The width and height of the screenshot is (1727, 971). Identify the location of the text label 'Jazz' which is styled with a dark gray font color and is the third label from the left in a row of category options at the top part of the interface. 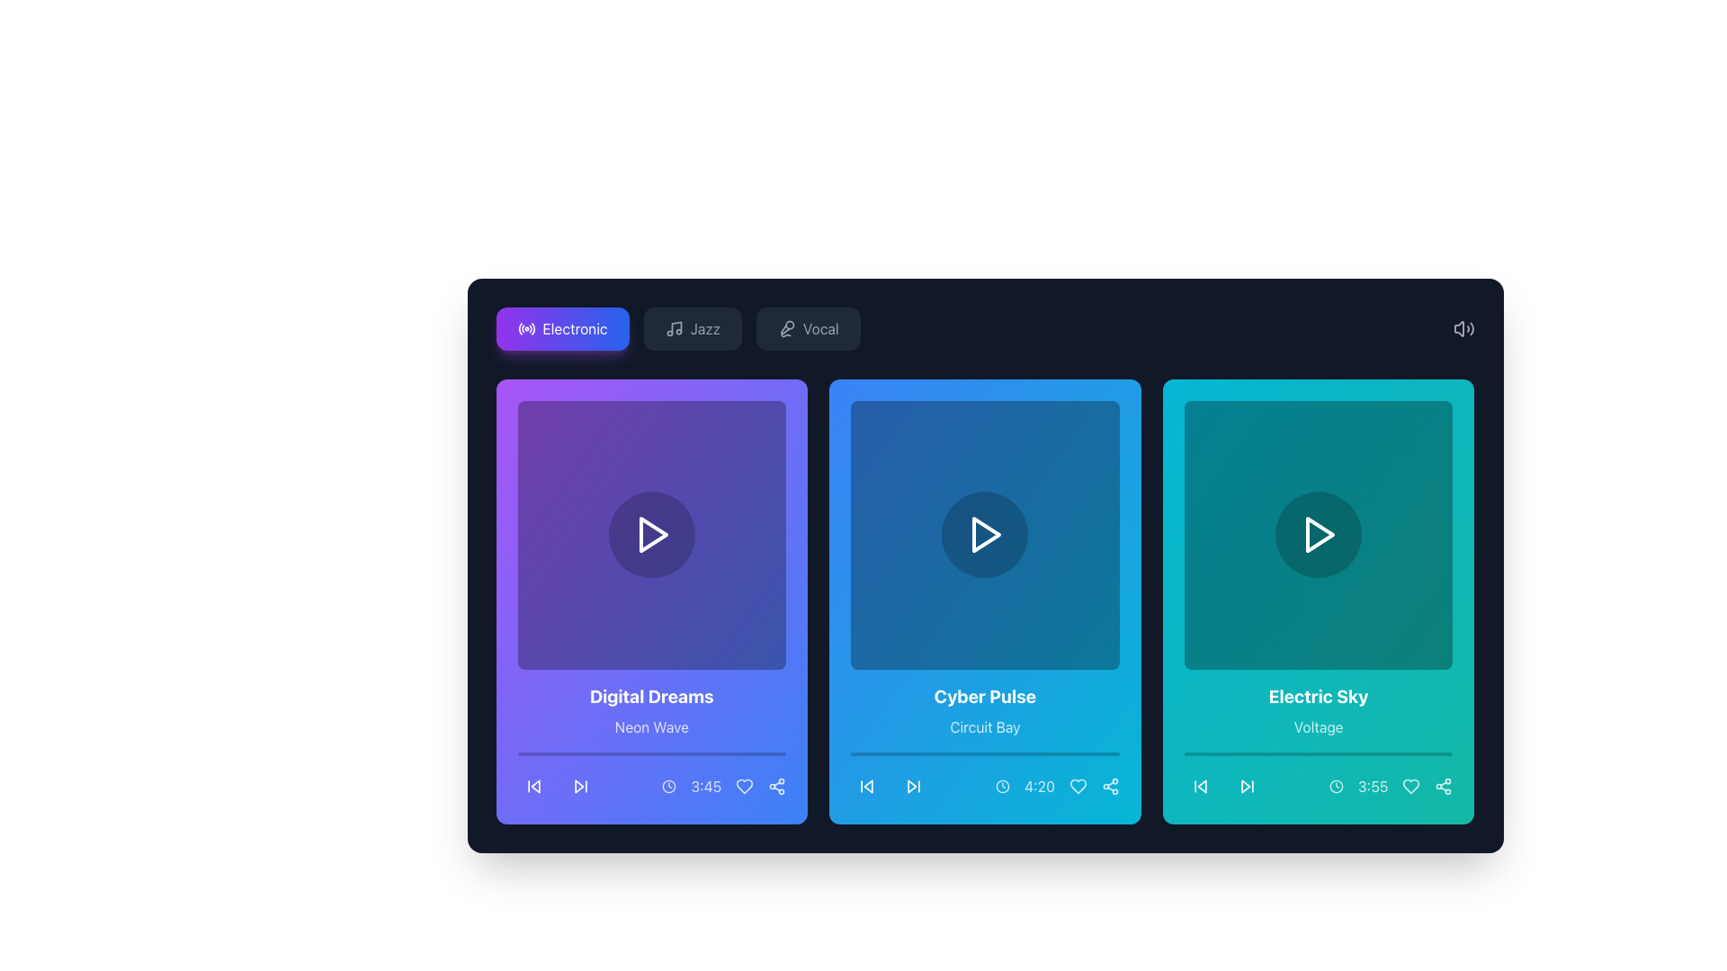
(704, 329).